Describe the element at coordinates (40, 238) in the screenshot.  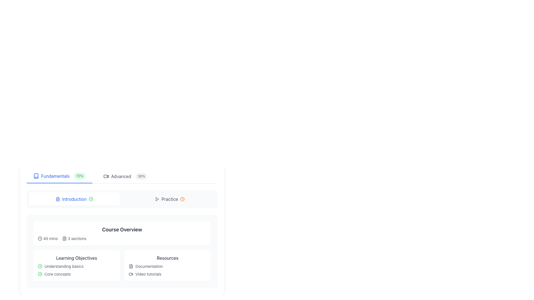
I see `the clock icon that visually indicates the duration or time-related information associated with the text '45 mins', located to the left of the text` at that location.